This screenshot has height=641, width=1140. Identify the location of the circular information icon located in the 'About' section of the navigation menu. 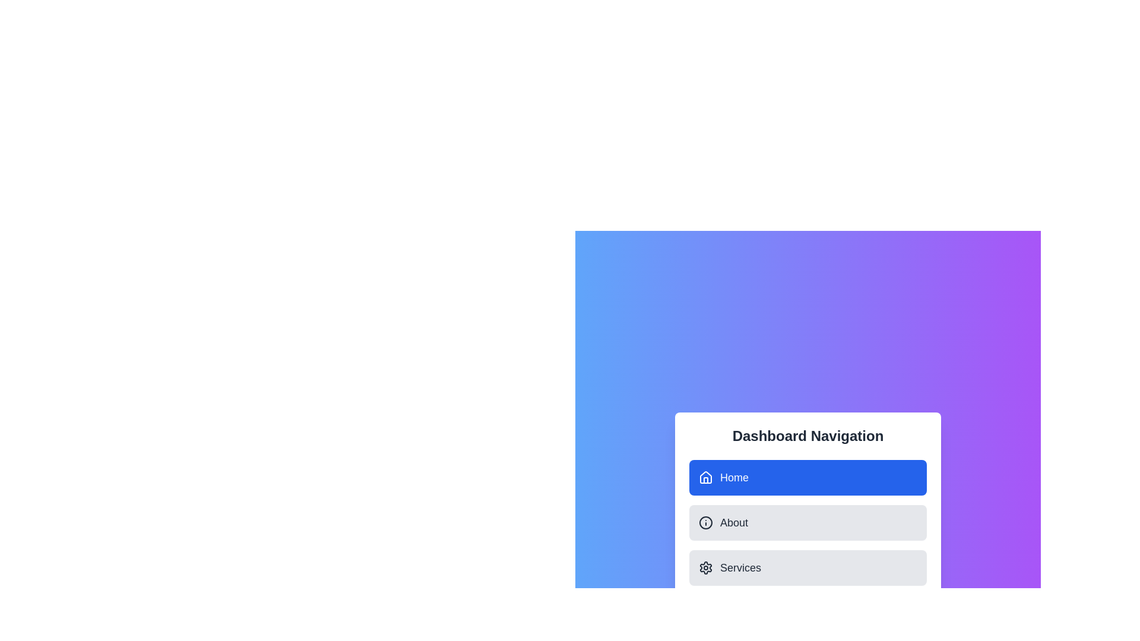
(706, 522).